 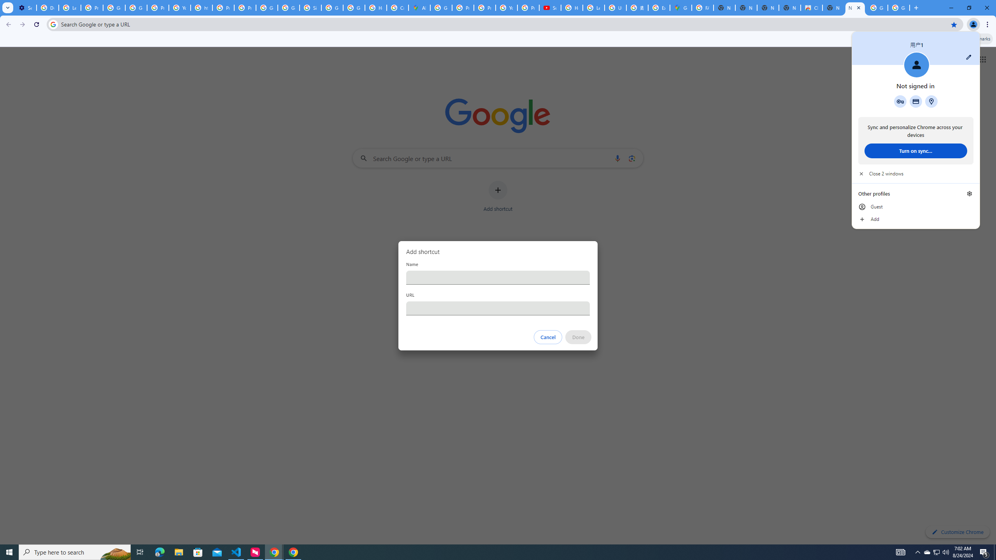 What do you see at coordinates (398, 7) in the screenshot?
I see `'Create your Google Account'` at bounding box center [398, 7].